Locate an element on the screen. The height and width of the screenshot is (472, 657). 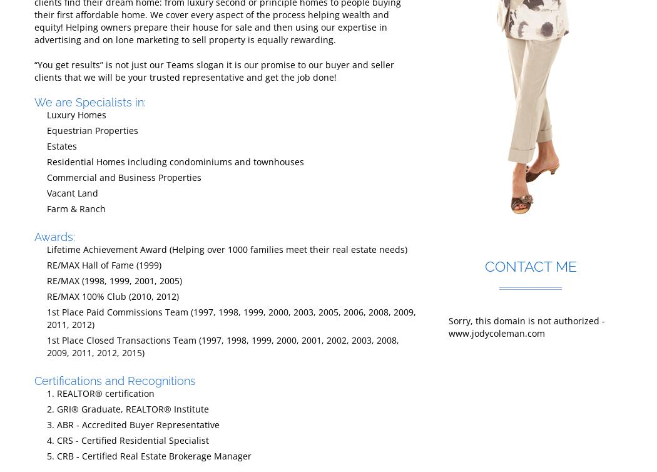
'RE/MAX Hall of Fame (1999)' is located at coordinates (46, 264).